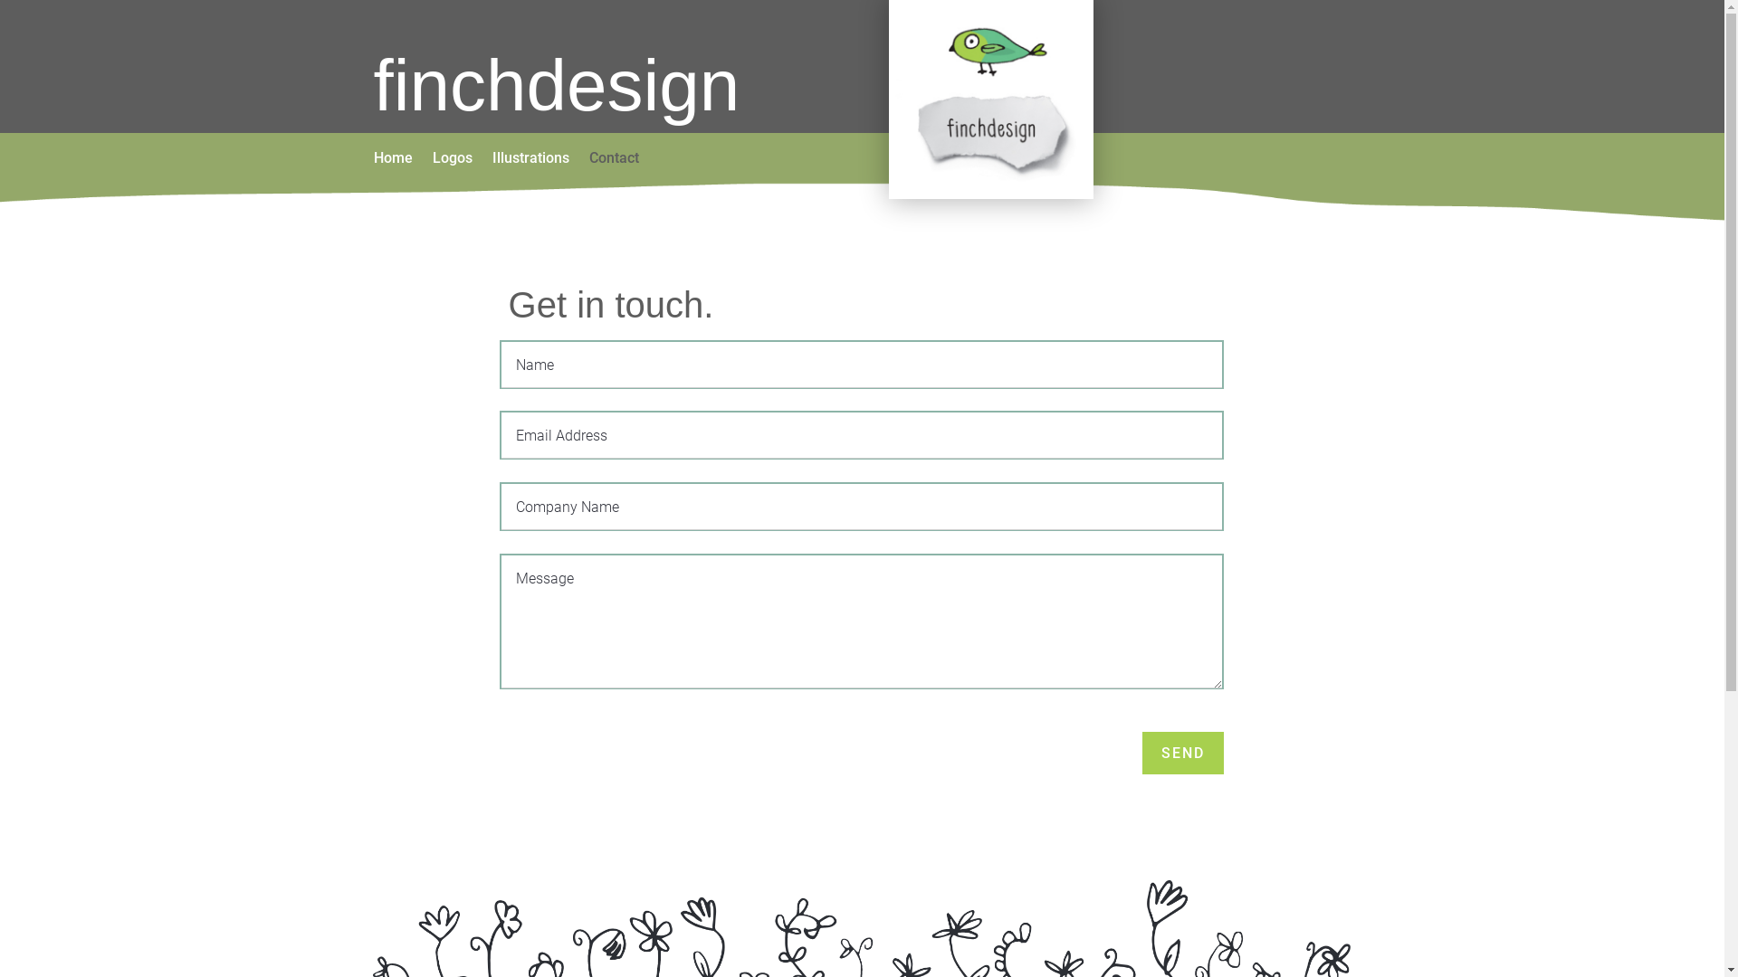  Describe the element at coordinates (530, 160) in the screenshot. I see `'Illustrations'` at that location.